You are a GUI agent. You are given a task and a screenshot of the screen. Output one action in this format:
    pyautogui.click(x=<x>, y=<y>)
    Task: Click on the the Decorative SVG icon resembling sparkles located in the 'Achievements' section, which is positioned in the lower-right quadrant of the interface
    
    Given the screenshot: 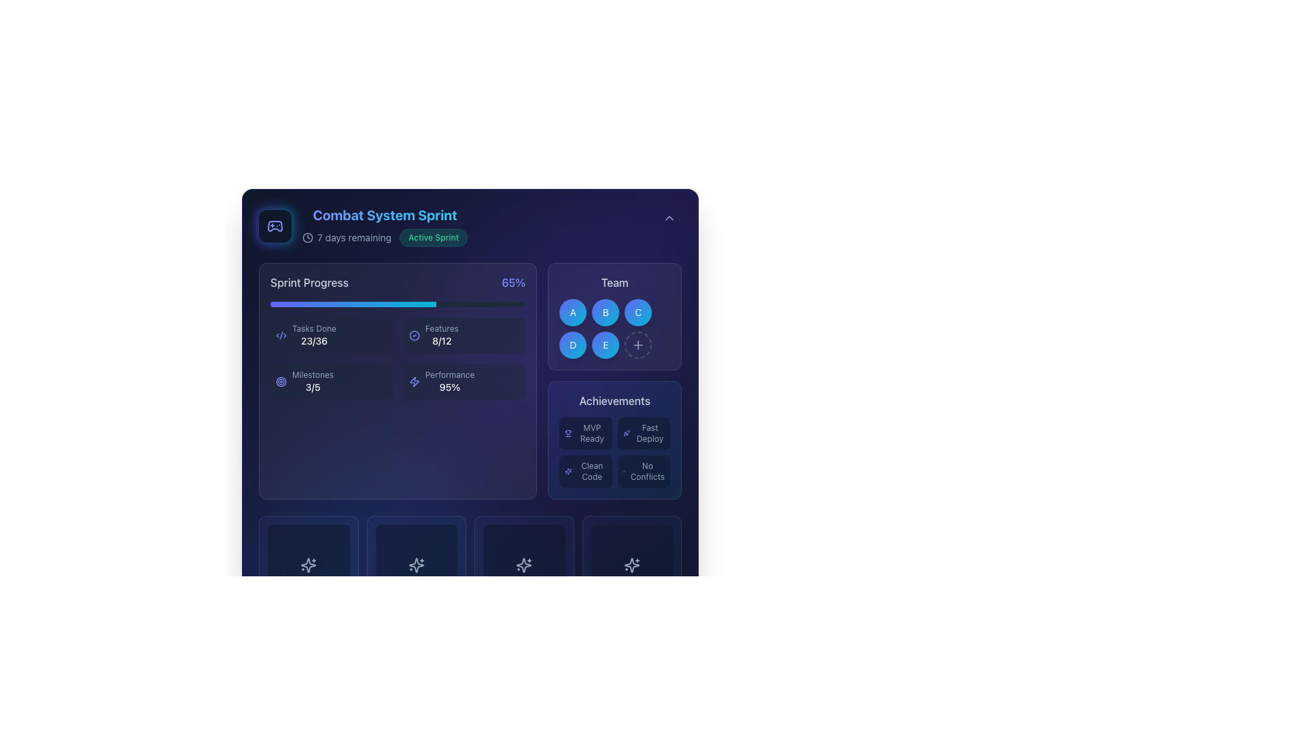 What is the action you would take?
    pyautogui.click(x=568, y=471)
    